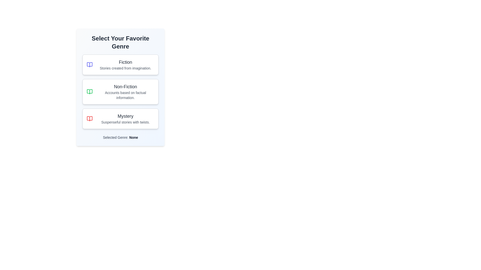  I want to click on the decorative icon for the 'Mystery' option, which is located on the left side inside the third option labeled 'Mystery' in the vertical menu list, so click(90, 118).